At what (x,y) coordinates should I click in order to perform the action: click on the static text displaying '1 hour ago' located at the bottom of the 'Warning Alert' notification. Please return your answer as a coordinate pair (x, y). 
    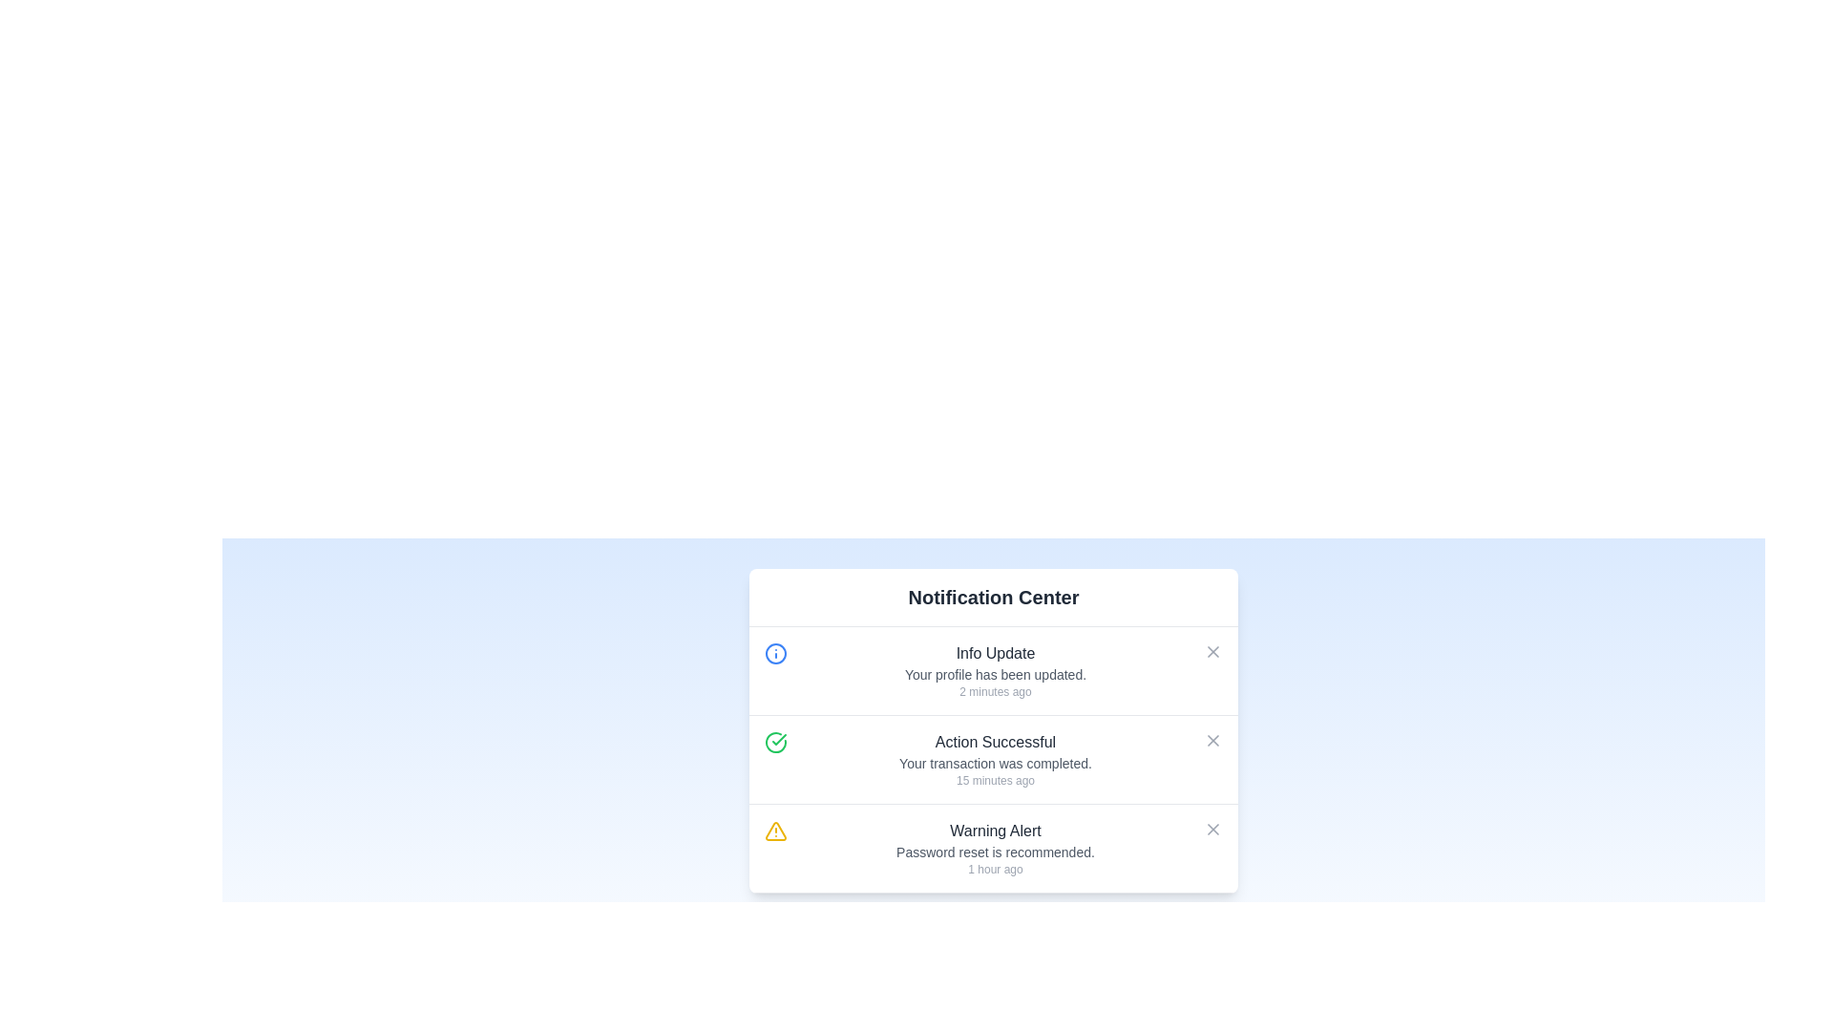
    Looking at the image, I should click on (994, 869).